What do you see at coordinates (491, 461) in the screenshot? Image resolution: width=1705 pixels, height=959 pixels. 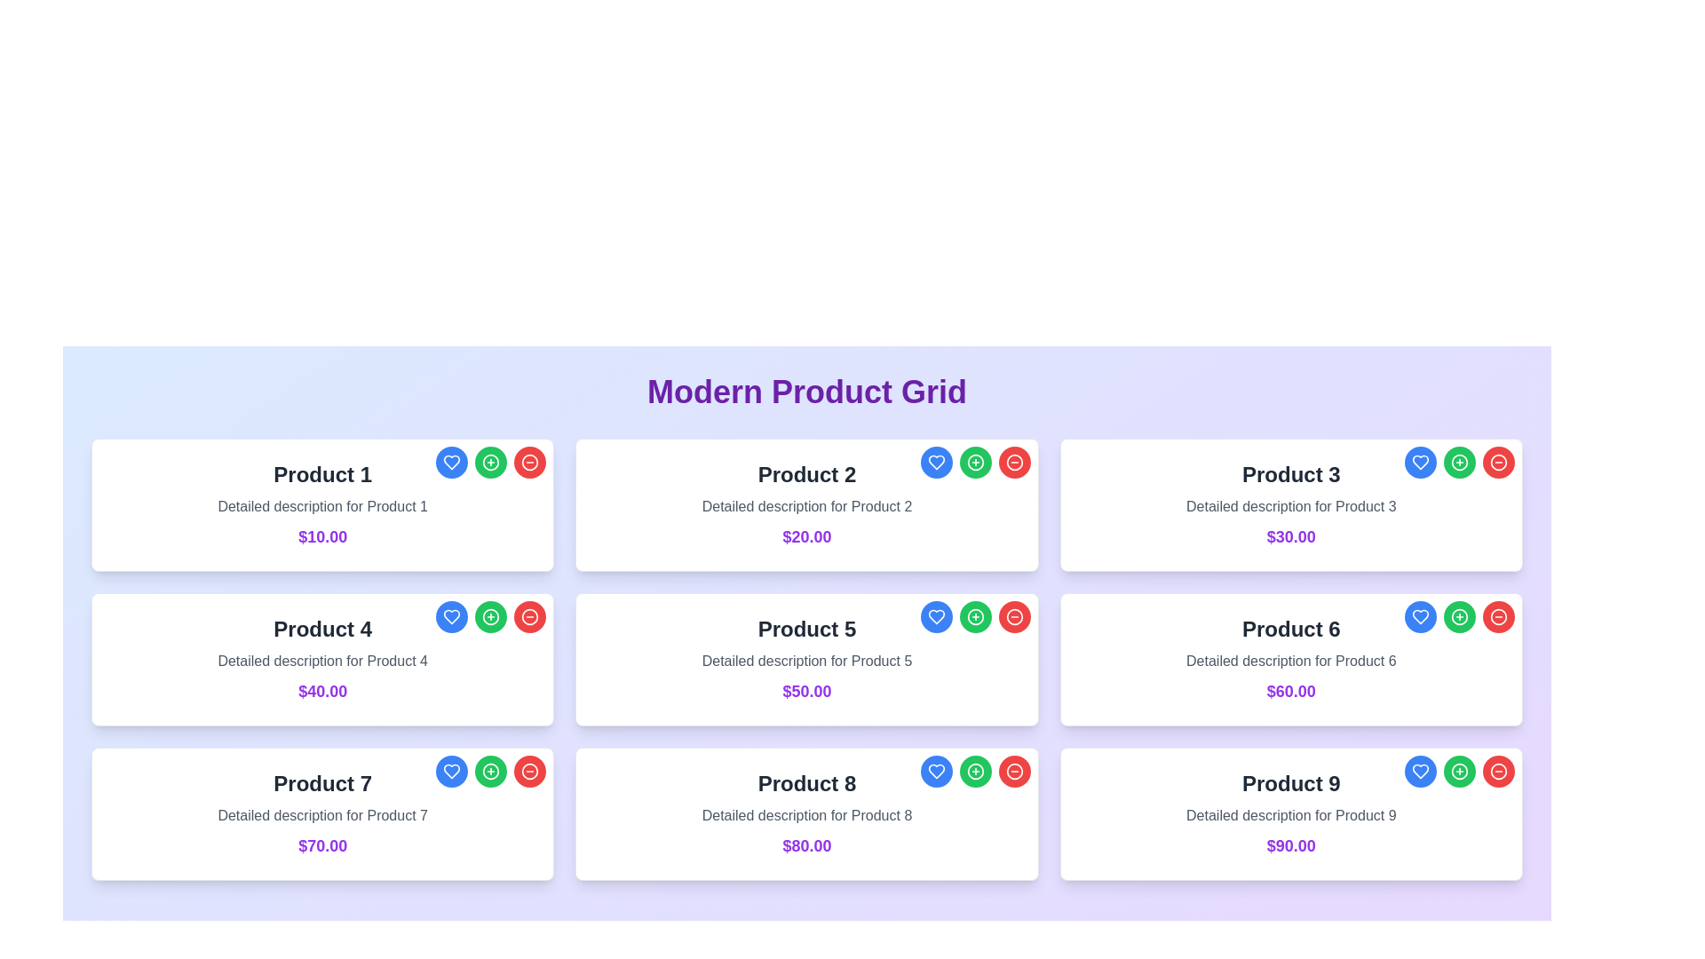 I see `the circular green button with a white plus sign located in the top-right corner of the 'Product 1' card` at bounding box center [491, 461].